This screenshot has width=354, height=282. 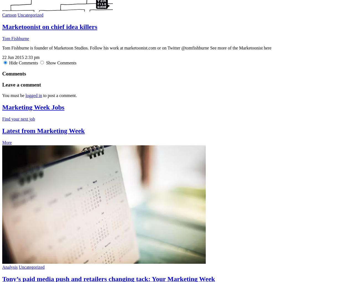 I want to click on 'to post a comment.', so click(x=59, y=95).